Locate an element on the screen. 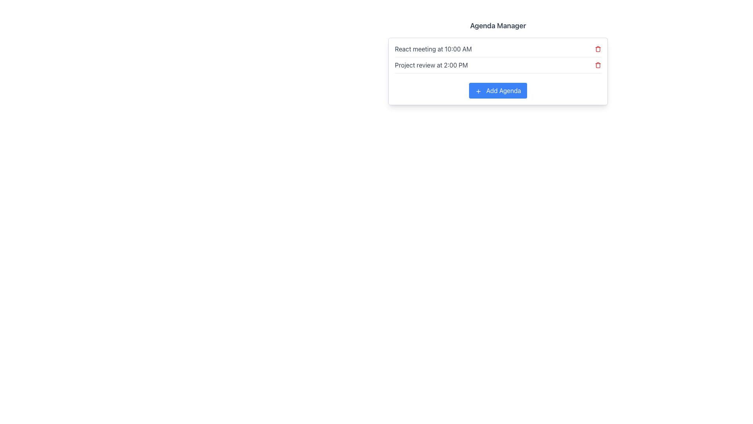 Image resolution: width=753 pixels, height=424 pixels. the SVG icon resembling a 'plus' sign located on the left side of the 'Add Agenda' button is located at coordinates (478, 91).